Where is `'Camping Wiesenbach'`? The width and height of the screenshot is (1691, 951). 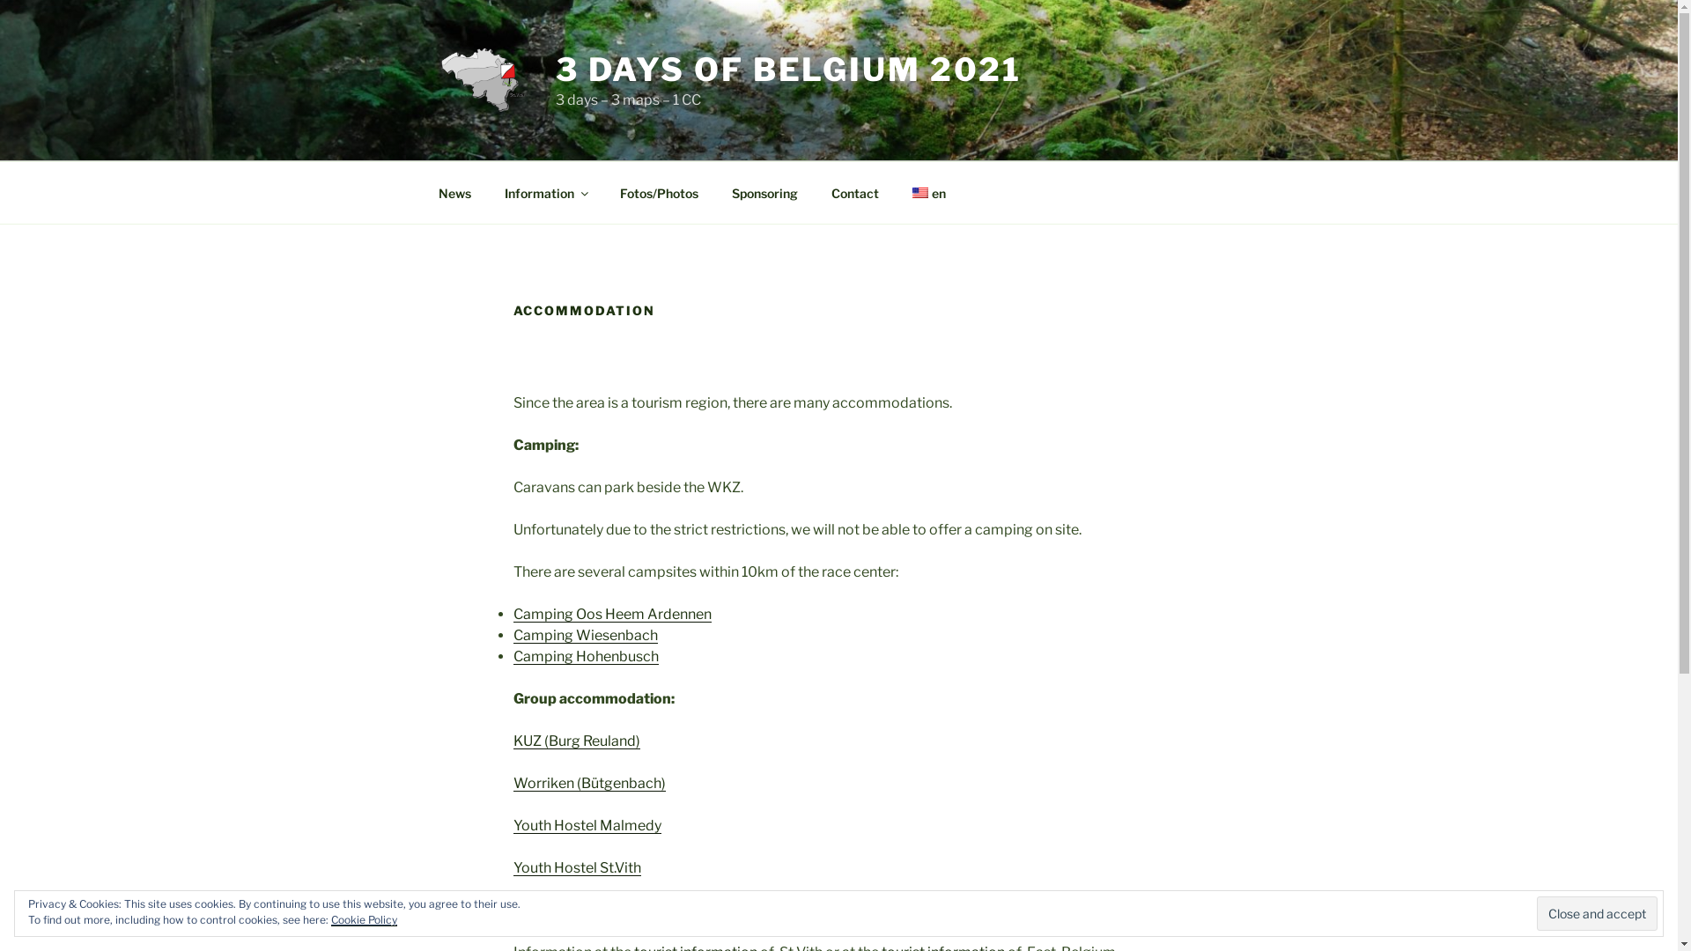
'Camping Wiesenbach' is located at coordinates (584, 635).